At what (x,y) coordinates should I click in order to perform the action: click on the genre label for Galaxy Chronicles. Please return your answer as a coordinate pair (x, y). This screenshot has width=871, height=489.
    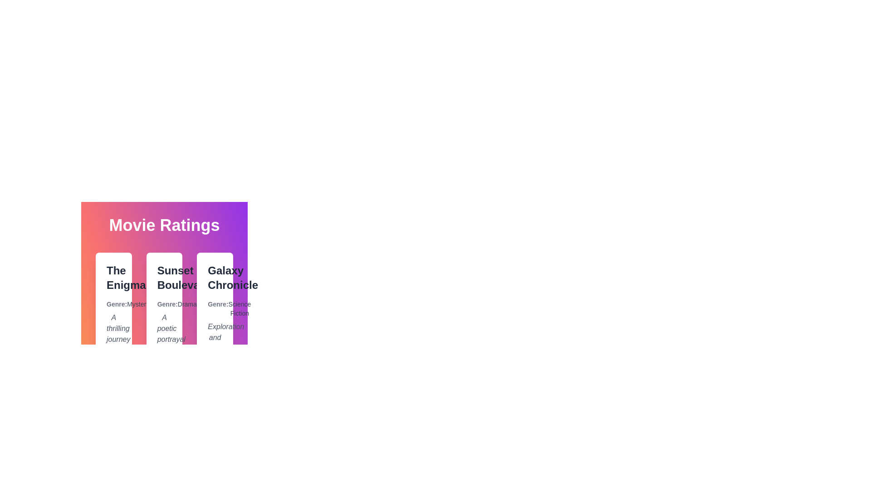
    Looking at the image, I should click on (215, 308).